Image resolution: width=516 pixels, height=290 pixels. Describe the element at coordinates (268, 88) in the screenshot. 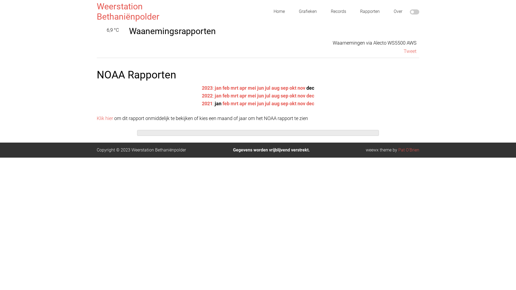

I see `'jul'` at that location.